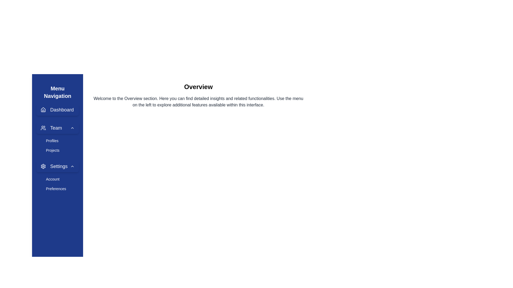 This screenshot has height=288, width=513. What do you see at coordinates (72, 166) in the screenshot?
I see `the Chevron icon located to the right of the 'Settings' text in the vertical navigation menu sidebar` at bounding box center [72, 166].